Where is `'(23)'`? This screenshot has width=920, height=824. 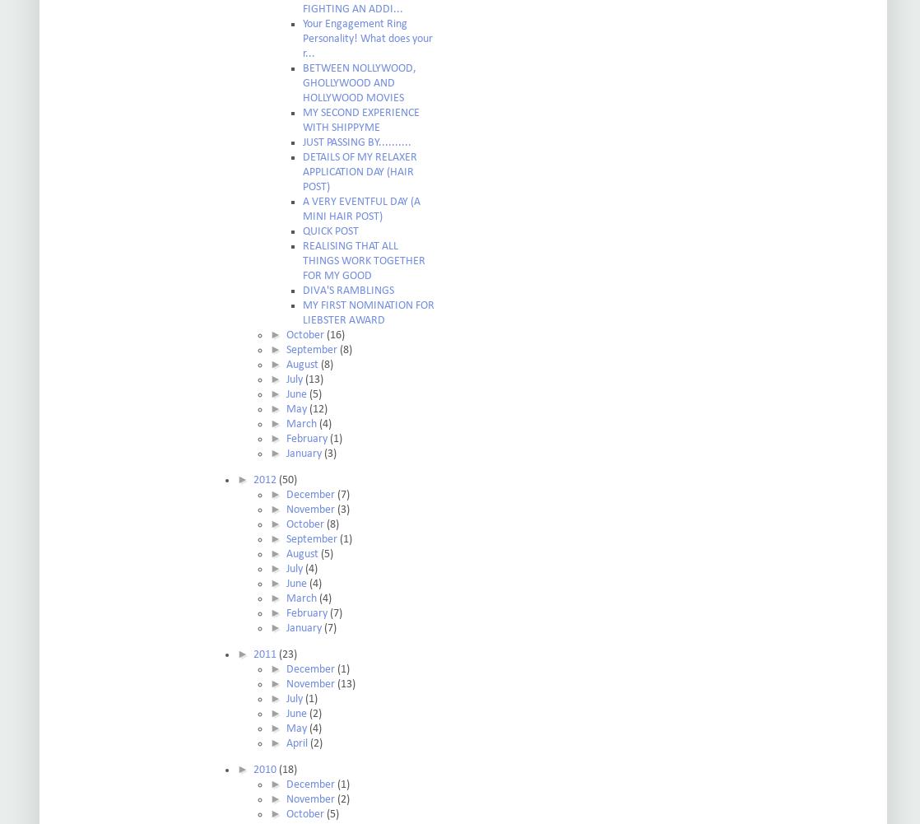 '(23)' is located at coordinates (286, 654).